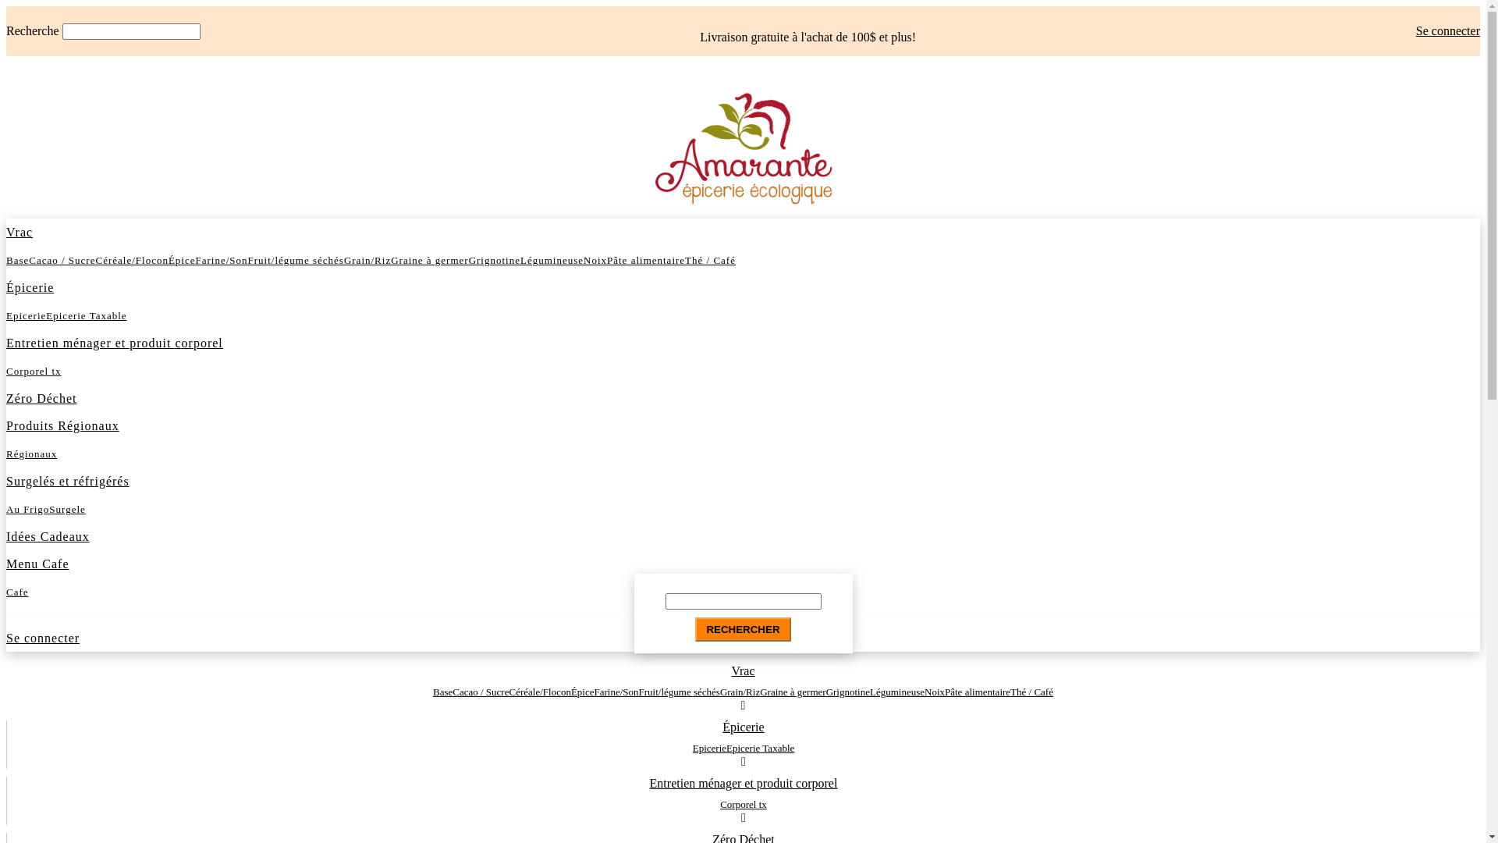  Describe the element at coordinates (343, 259) in the screenshot. I see `'Grain/Riz'` at that location.